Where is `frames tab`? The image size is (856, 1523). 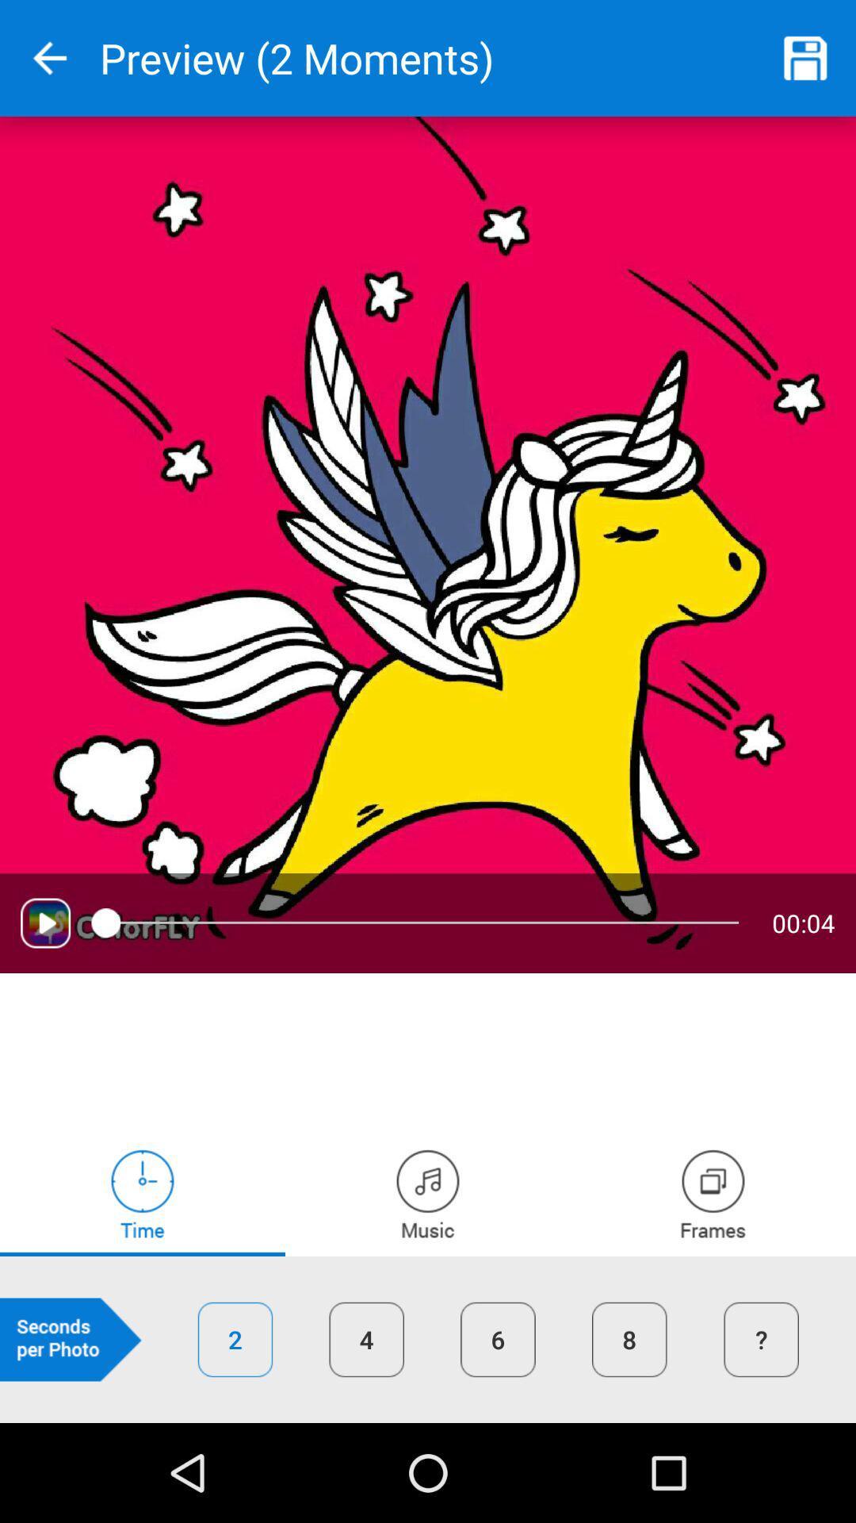 frames tab is located at coordinates (712, 1194).